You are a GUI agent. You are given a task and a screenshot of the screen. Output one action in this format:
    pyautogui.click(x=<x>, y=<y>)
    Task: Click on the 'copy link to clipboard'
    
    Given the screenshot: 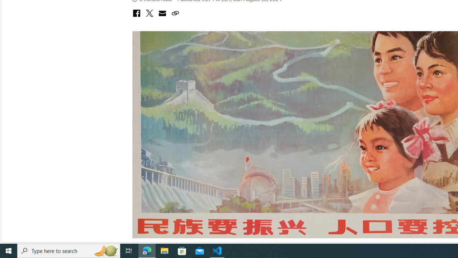 What is the action you would take?
    pyautogui.click(x=175, y=14)
    